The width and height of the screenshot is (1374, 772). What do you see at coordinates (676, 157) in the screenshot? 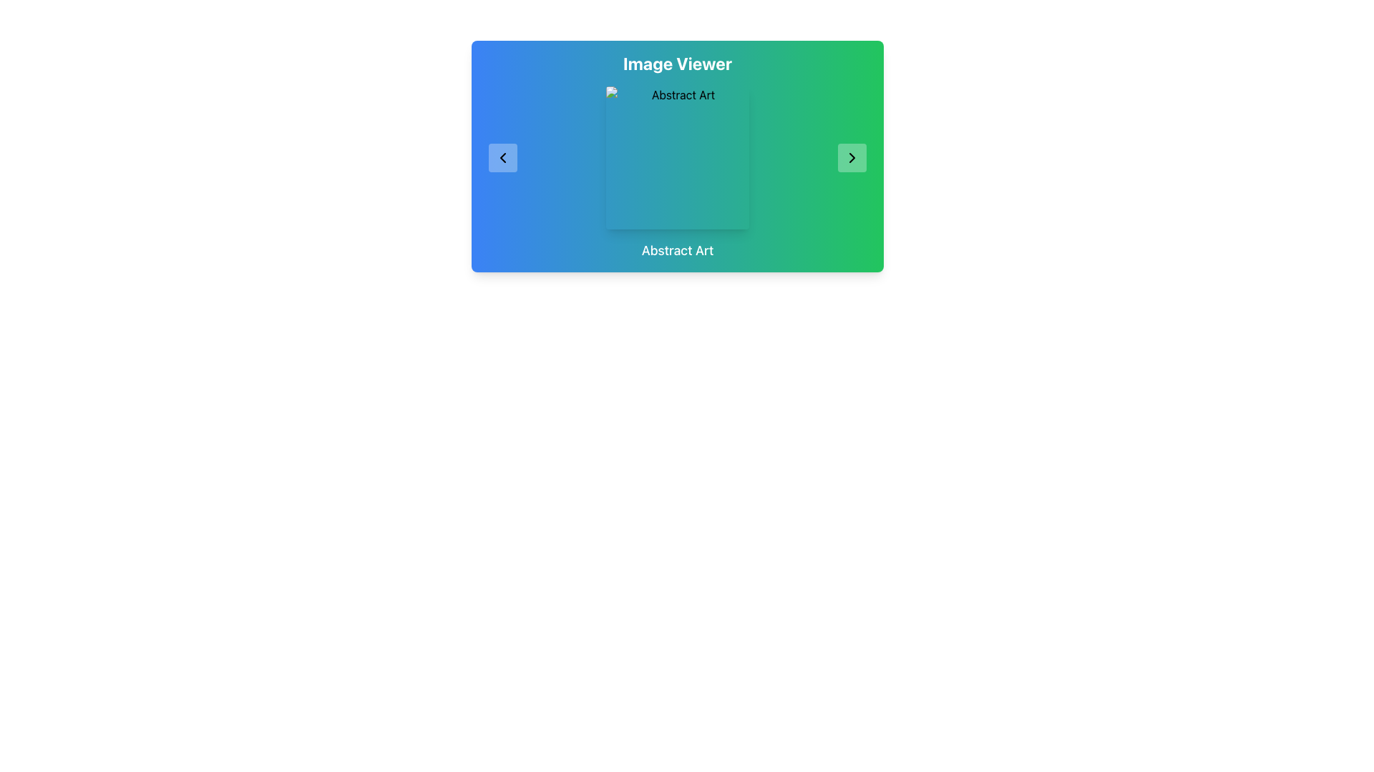
I see `the image viewer interface labeled 'Abstract Art'` at bounding box center [676, 157].